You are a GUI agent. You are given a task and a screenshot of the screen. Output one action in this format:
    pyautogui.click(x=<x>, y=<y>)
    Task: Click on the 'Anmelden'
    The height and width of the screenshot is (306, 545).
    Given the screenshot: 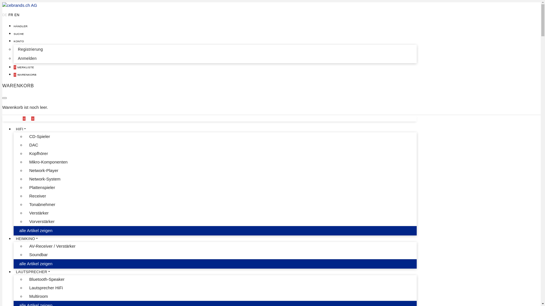 What is the action you would take?
    pyautogui.click(x=215, y=58)
    